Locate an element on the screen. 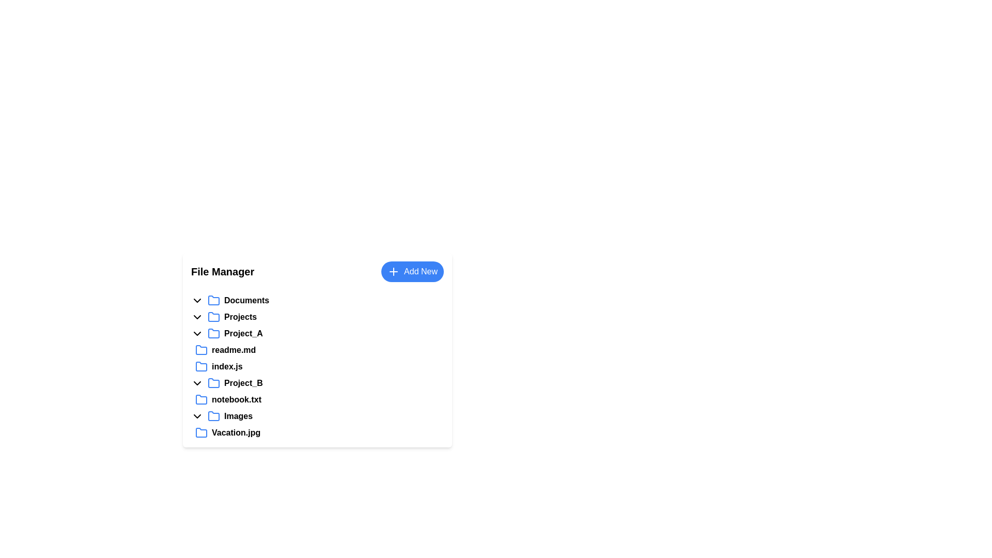  the downward arrow icon button located to the left of the 'Project_A' folder icon is located at coordinates (197, 333).